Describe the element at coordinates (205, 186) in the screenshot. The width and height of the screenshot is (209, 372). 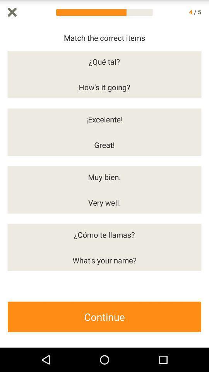
I see `the icon below 5` at that location.